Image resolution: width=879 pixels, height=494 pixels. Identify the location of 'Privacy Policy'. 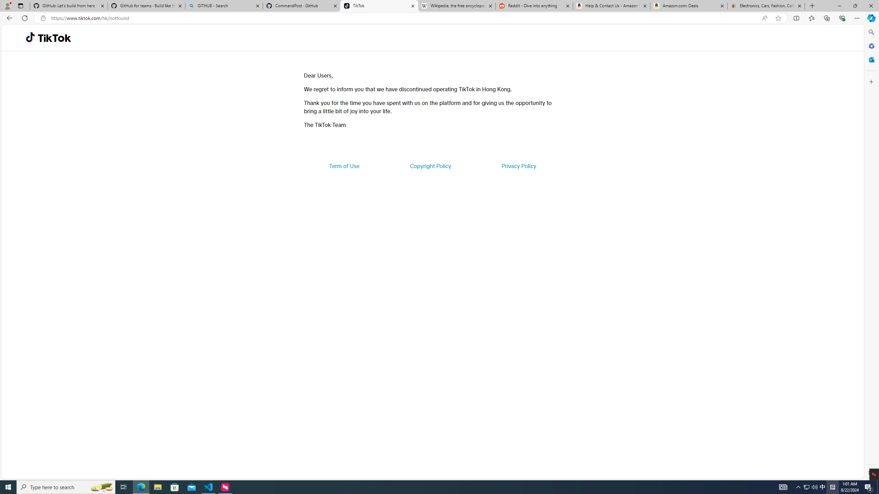
(518, 165).